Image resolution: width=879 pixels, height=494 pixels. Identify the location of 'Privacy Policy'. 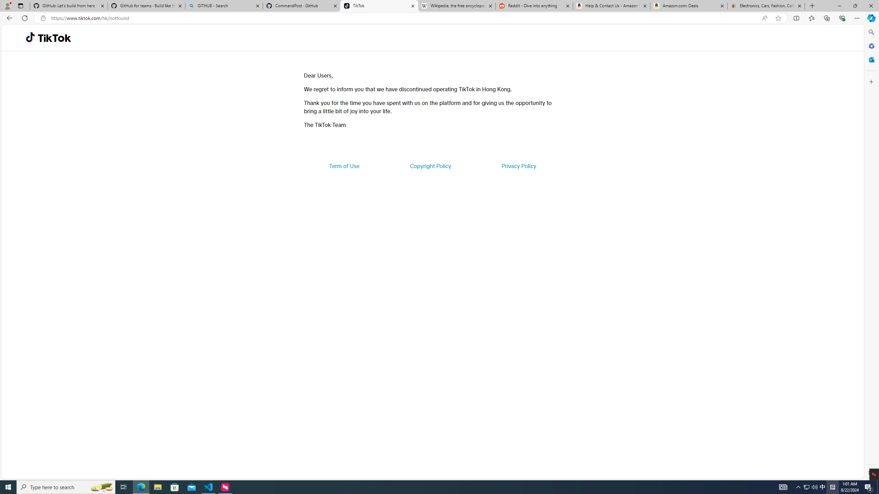
(518, 165).